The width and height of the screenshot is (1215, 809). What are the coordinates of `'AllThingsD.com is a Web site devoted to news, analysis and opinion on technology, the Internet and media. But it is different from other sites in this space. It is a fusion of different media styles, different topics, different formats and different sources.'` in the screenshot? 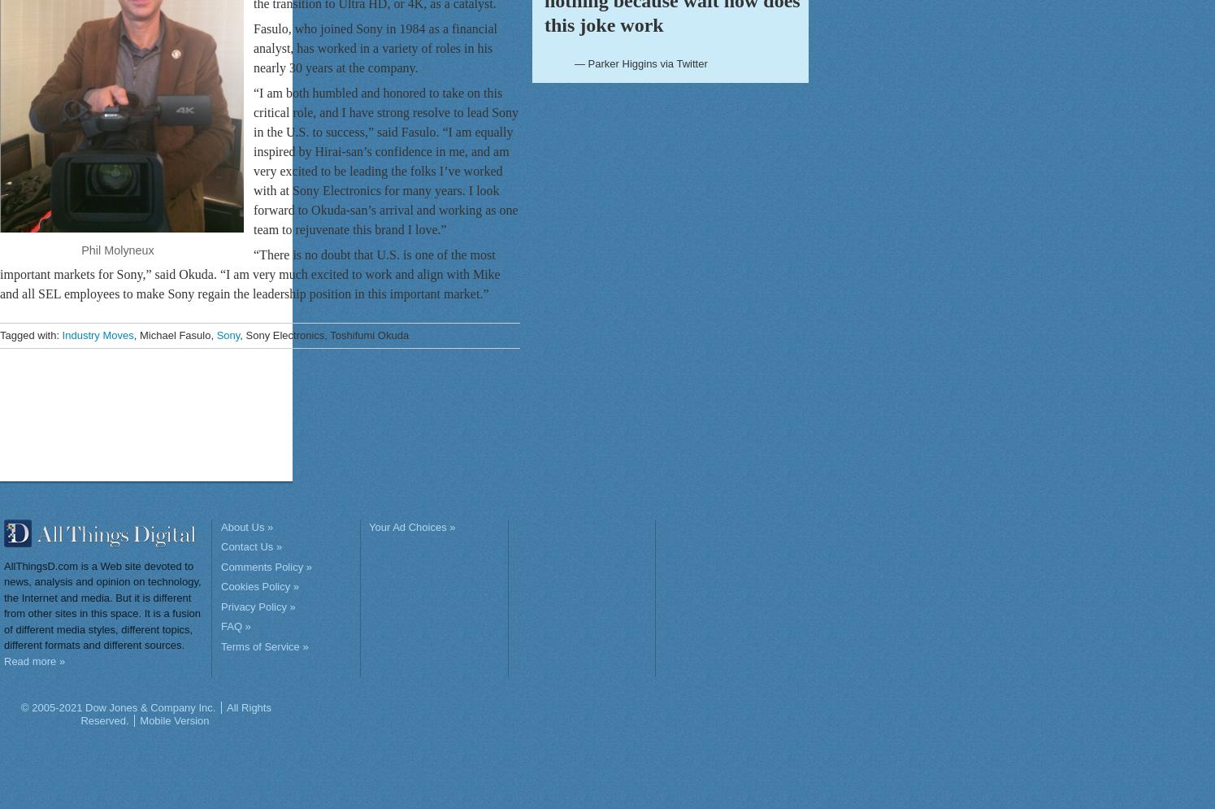 It's located at (102, 604).